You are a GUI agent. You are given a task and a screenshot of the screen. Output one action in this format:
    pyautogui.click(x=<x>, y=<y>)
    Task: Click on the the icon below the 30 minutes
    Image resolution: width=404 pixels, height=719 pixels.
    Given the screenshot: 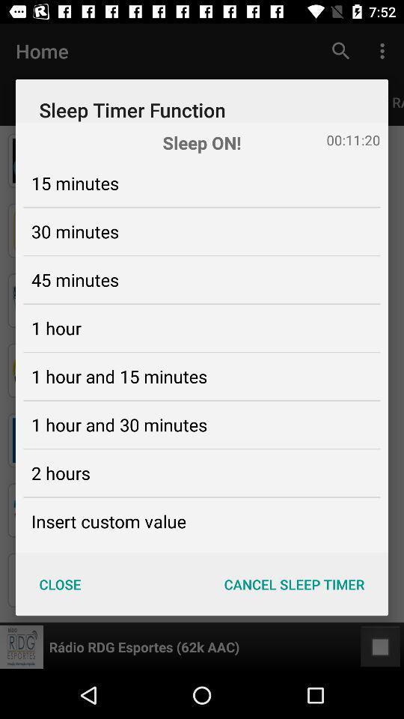 What is the action you would take?
    pyautogui.click(x=74, y=279)
    